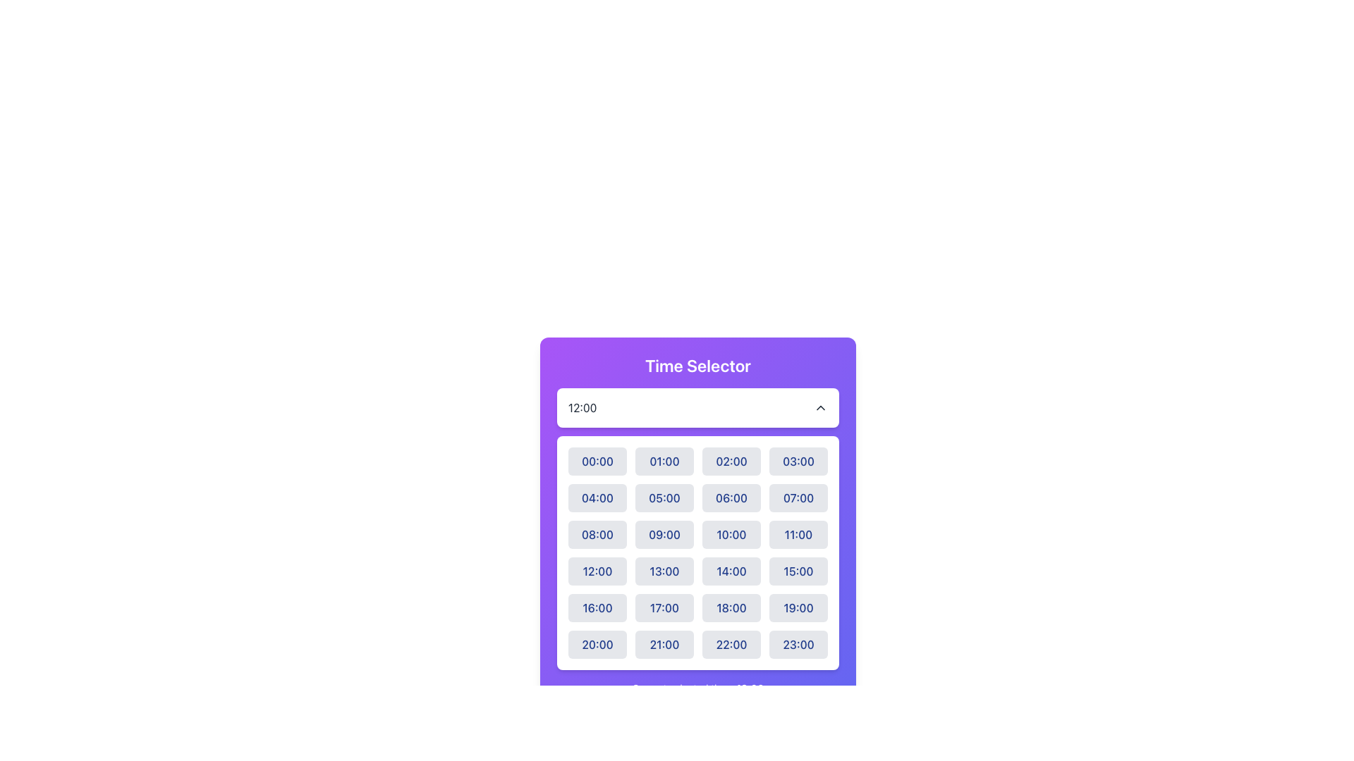 The width and height of the screenshot is (1354, 761). Describe the element at coordinates (798, 571) in the screenshot. I see `the button in the fourth column of the fourth row of the time selector interface` at that location.